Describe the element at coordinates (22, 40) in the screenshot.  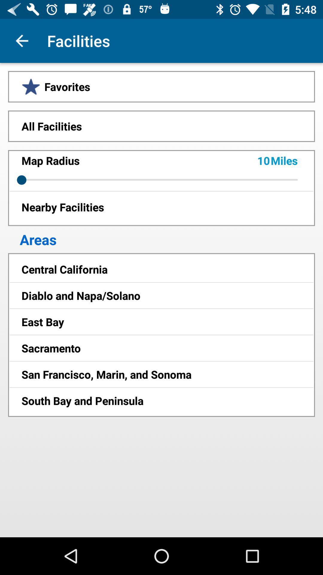
I see `the app next to facilities` at that location.